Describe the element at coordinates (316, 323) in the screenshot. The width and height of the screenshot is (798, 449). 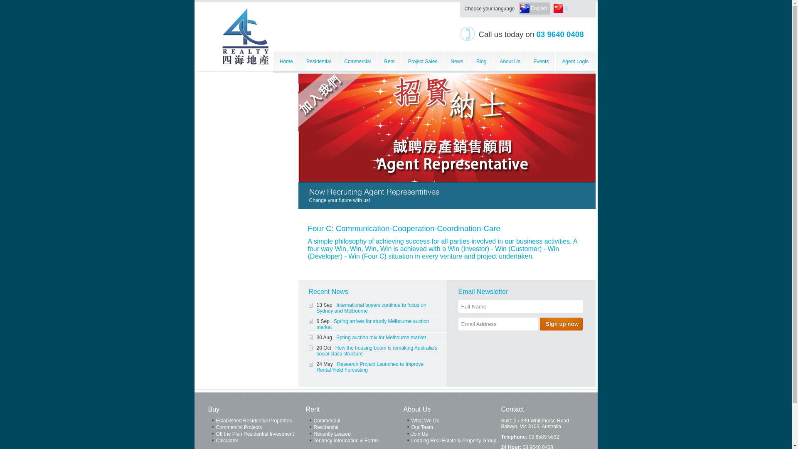
I see `'Spring arrives for sturdy Melbourne auction market'` at that location.